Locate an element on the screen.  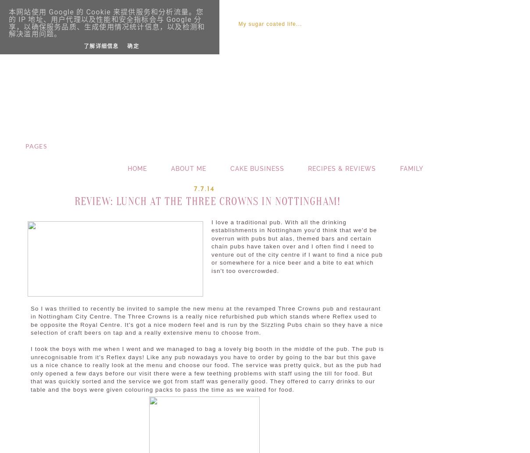
'Recipes & Reviews' is located at coordinates (342, 168).